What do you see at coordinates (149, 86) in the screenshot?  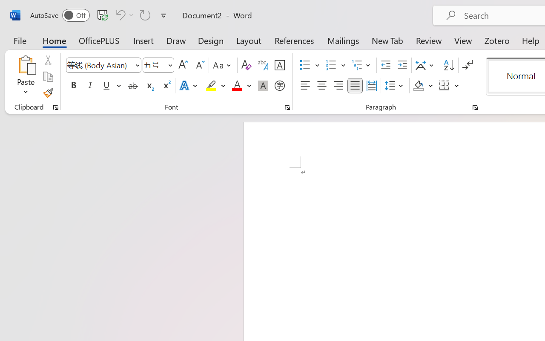 I see `'Subscript'` at bounding box center [149, 86].